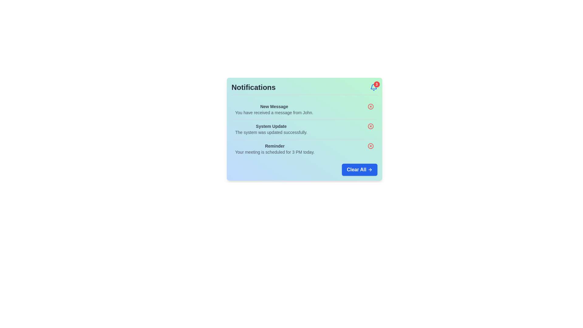 This screenshot has width=583, height=328. Describe the element at coordinates (274, 152) in the screenshot. I see `the notification message regarding a scheduled meeting at 3 PM located in the 'Reminder' section of the 'Notifications' panel` at that location.